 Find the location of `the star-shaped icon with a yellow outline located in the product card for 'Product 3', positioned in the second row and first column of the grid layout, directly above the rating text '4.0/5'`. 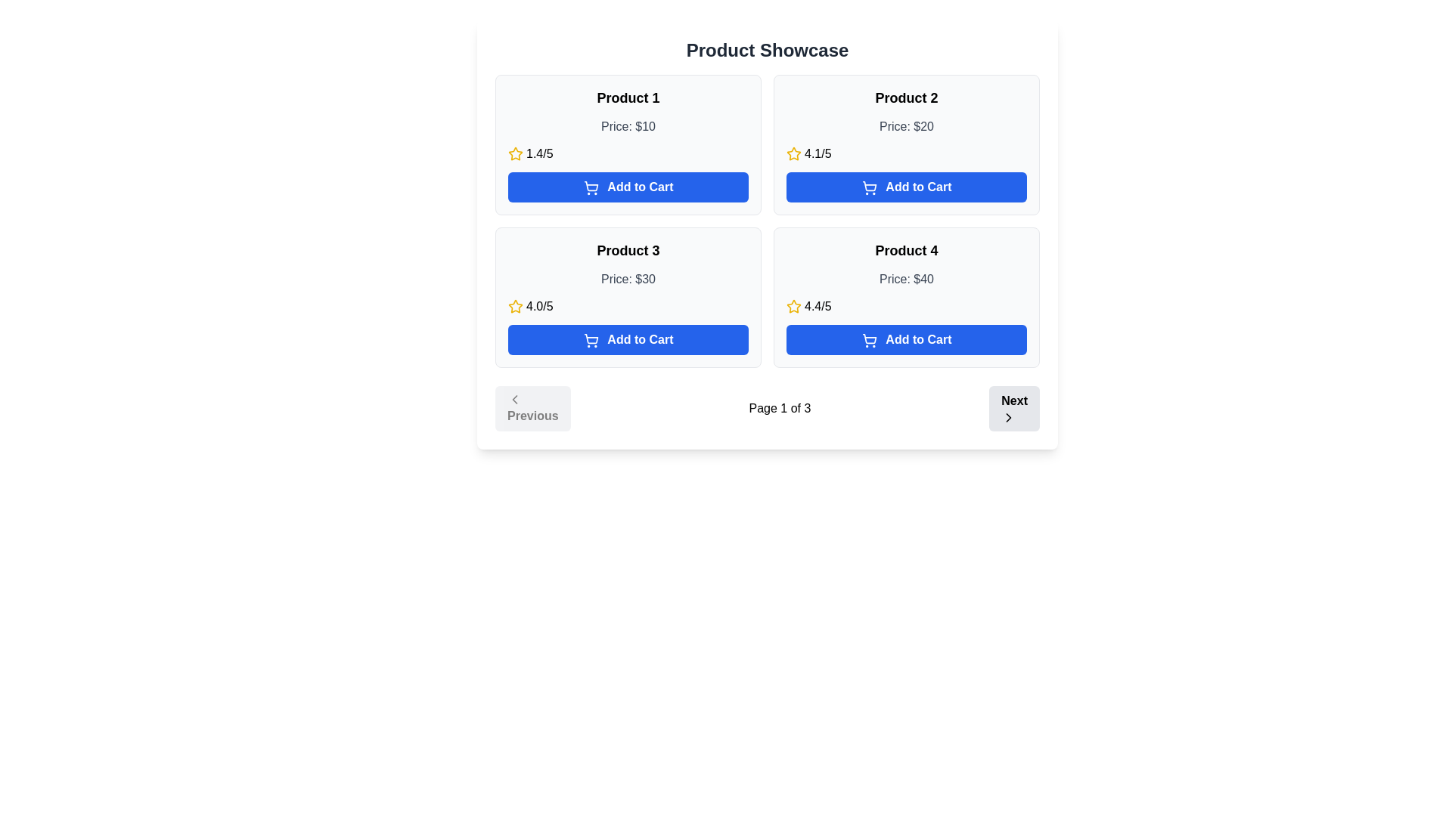

the star-shaped icon with a yellow outline located in the product card for 'Product 3', positioned in the second row and first column of the grid layout, directly above the rating text '4.0/5' is located at coordinates (515, 306).